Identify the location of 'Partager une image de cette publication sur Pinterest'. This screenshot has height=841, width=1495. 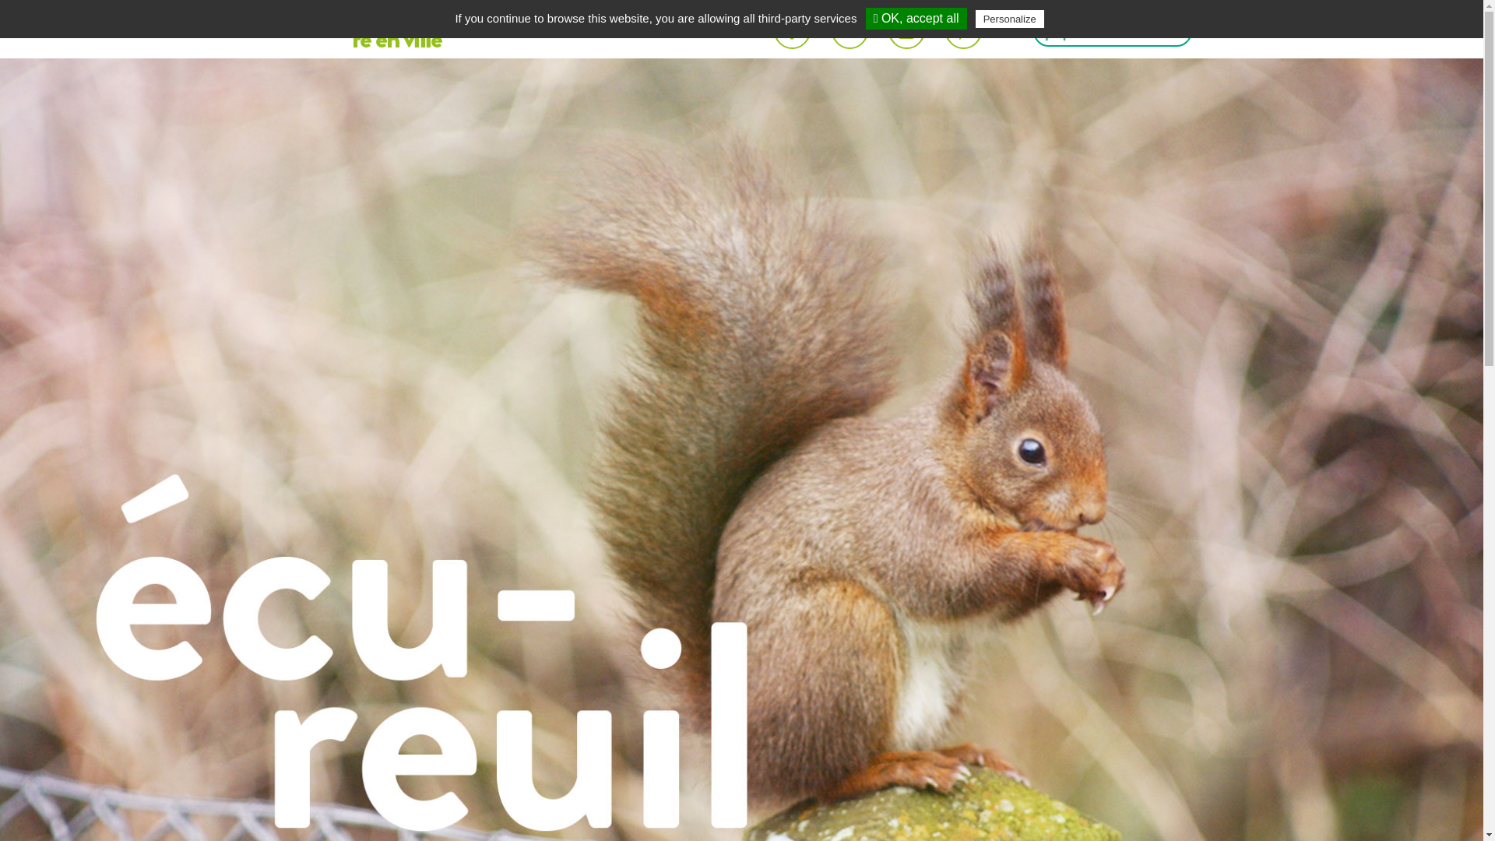
(962, 30).